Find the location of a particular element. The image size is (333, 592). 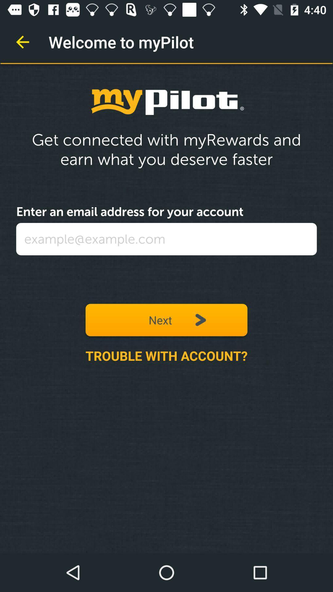

the trouble with account? icon is located at coordinates (166, 356).